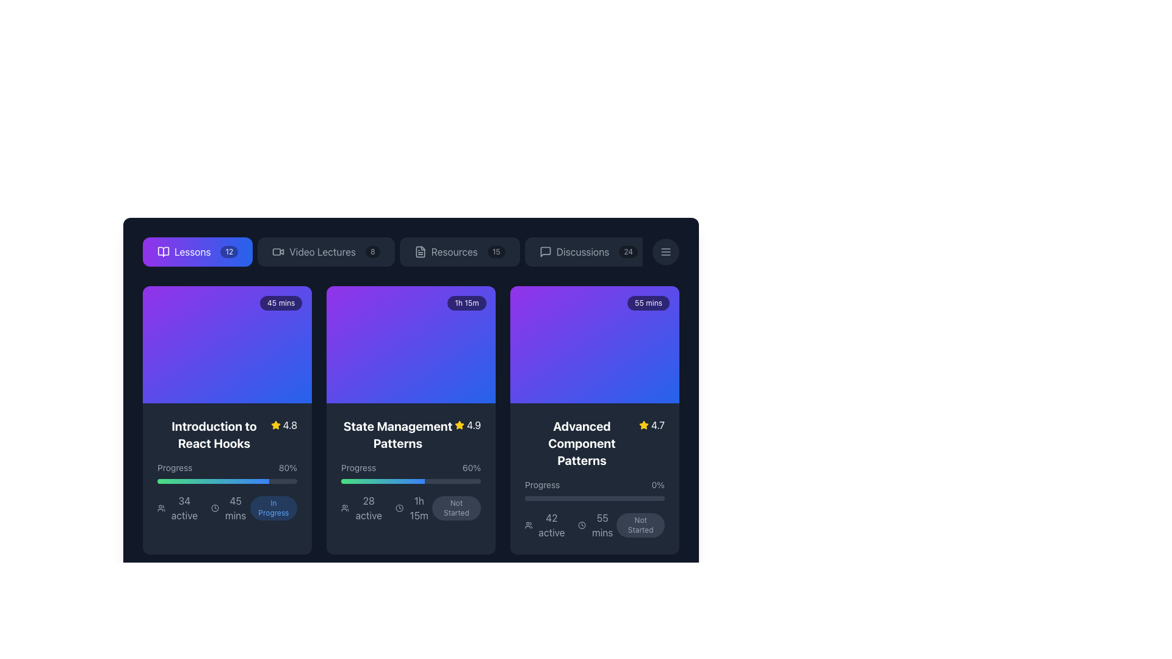  What do you see at coordinates (184, 481) in the screenshot?
I see `progress` at bounding box center [184, 481].